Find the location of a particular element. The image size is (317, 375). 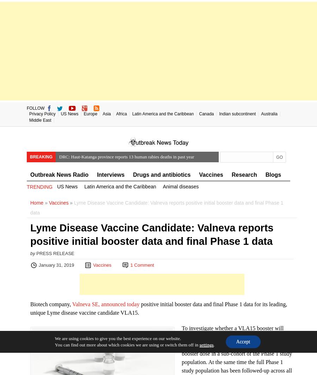

'Research' is located at coordinates (231, 175).